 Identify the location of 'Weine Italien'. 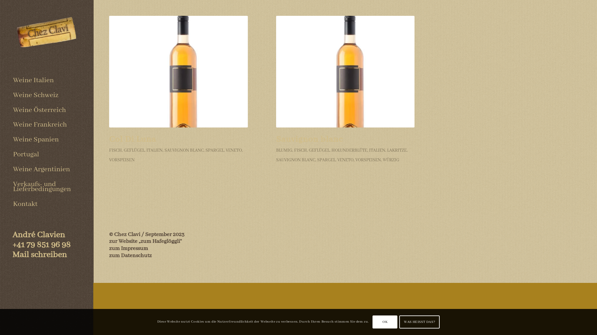
(46, 80).